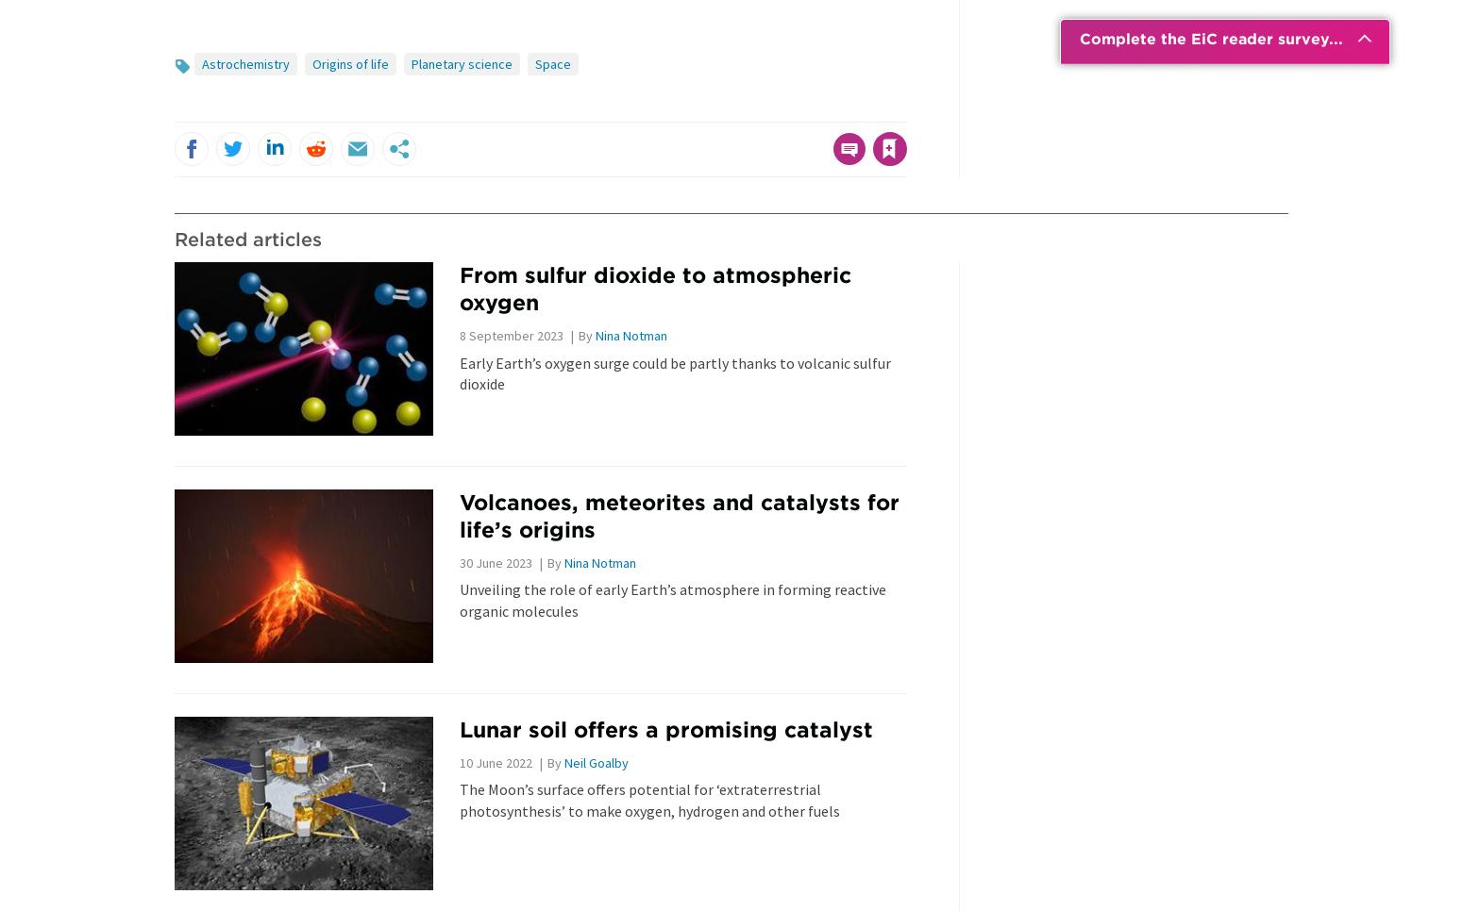  What do you see at coordinates (457, 515) in the screenshot?
I see `'Volcanoes, meteorites and catalysts for life’s origins'` at bounding box center [457, 515].